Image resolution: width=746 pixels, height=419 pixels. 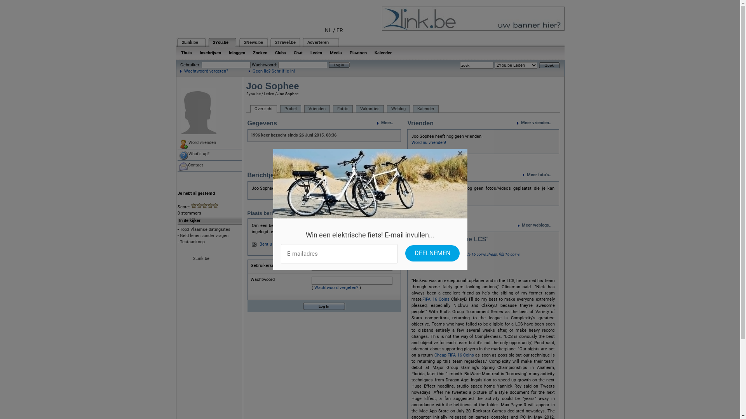 What do you see at coordinates (263, 109) in the screenshot?
I see `'Overzicht'` at bounding box center [263, 109].